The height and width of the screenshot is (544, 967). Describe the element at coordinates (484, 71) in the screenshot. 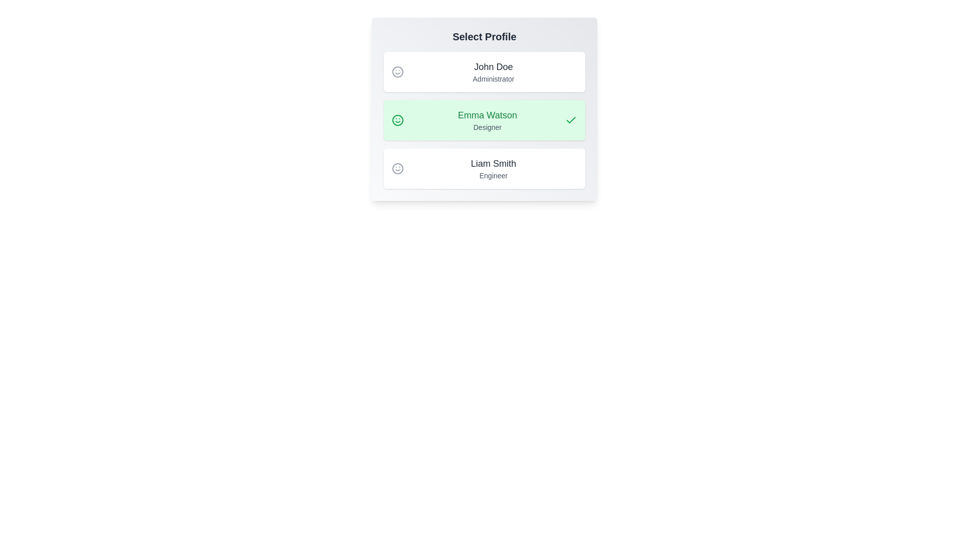

I see `the profile John Doe` at that location.